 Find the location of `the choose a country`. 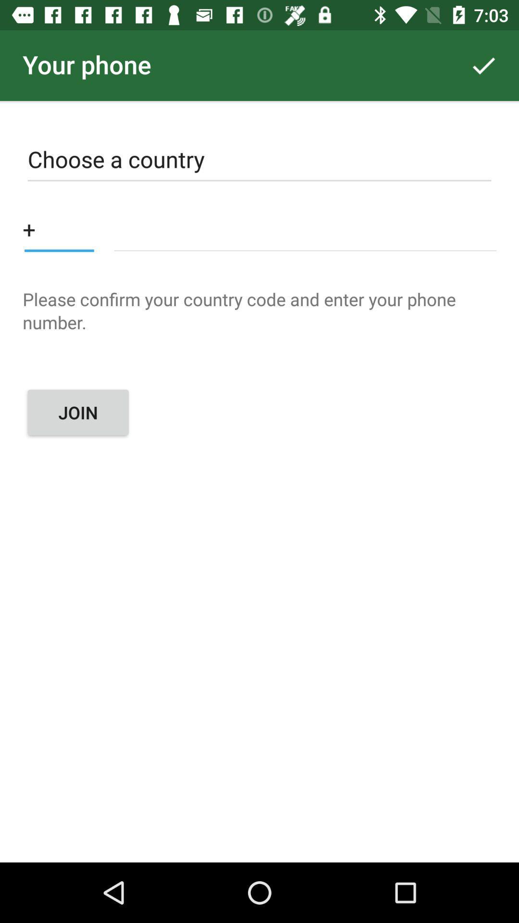

the choose a country is located at coordinates (259, 162).